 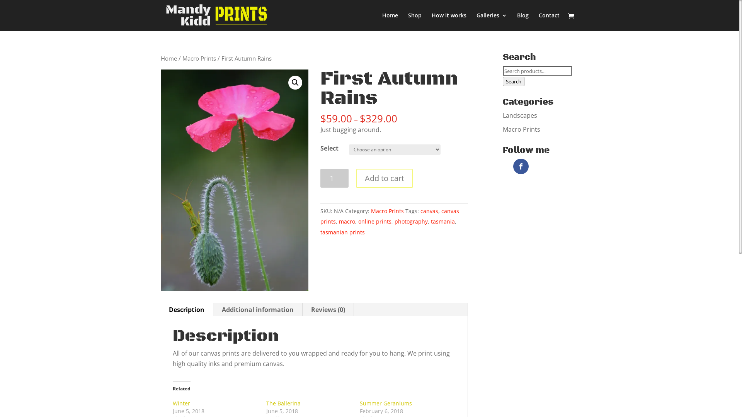 What do you see at coordinates (384, 178) in the screenshot?
I see `'Add to cart'` at bounding box center [384, 178].